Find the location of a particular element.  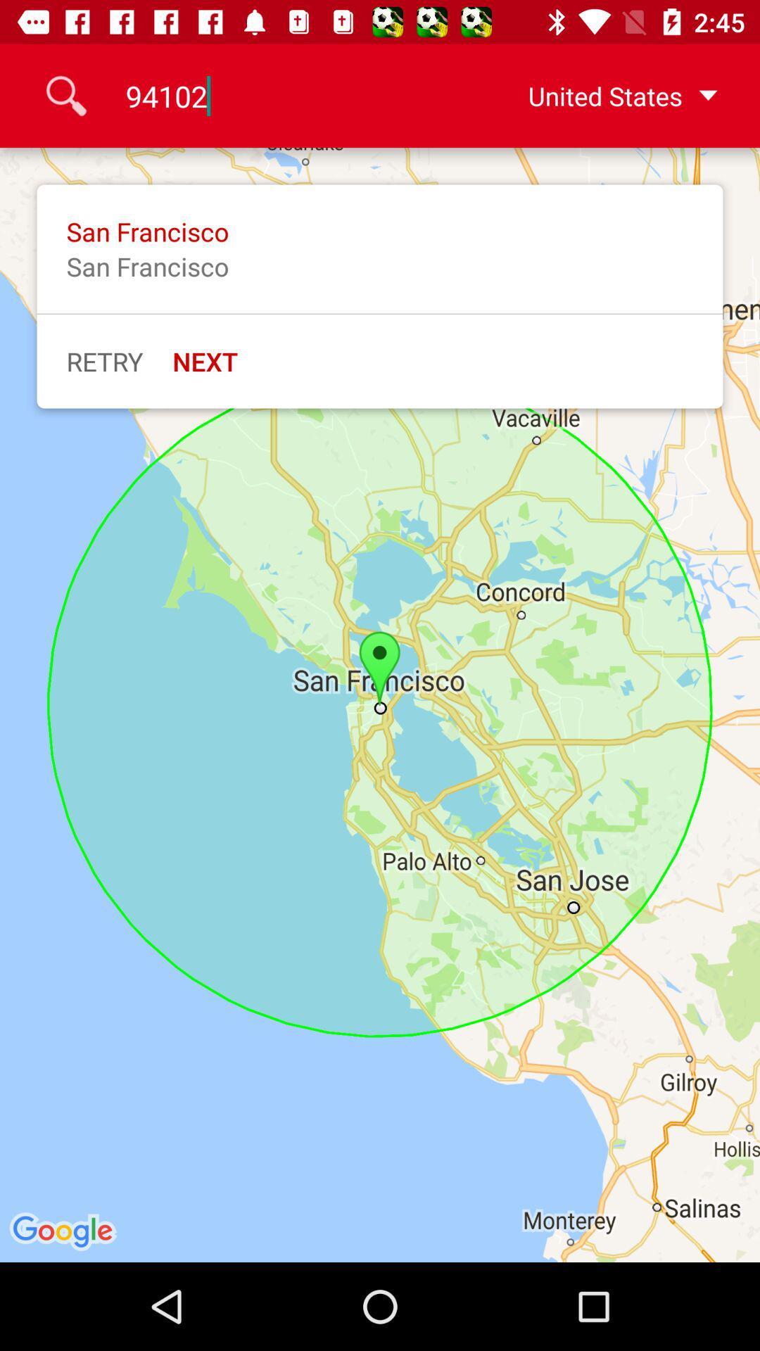

item at the center is located at coordinates (380, 705).